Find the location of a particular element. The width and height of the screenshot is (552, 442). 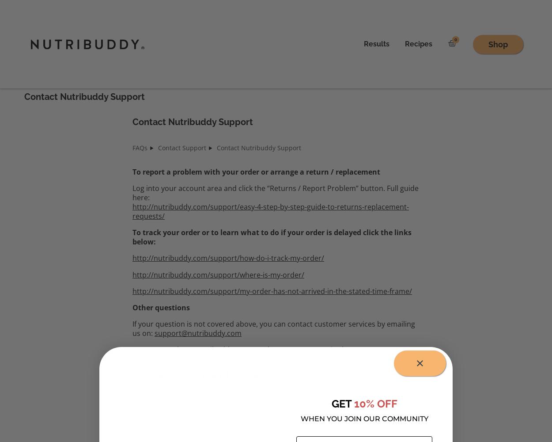

'support@nutribuddy.com' is located at coordinates (197, 333).